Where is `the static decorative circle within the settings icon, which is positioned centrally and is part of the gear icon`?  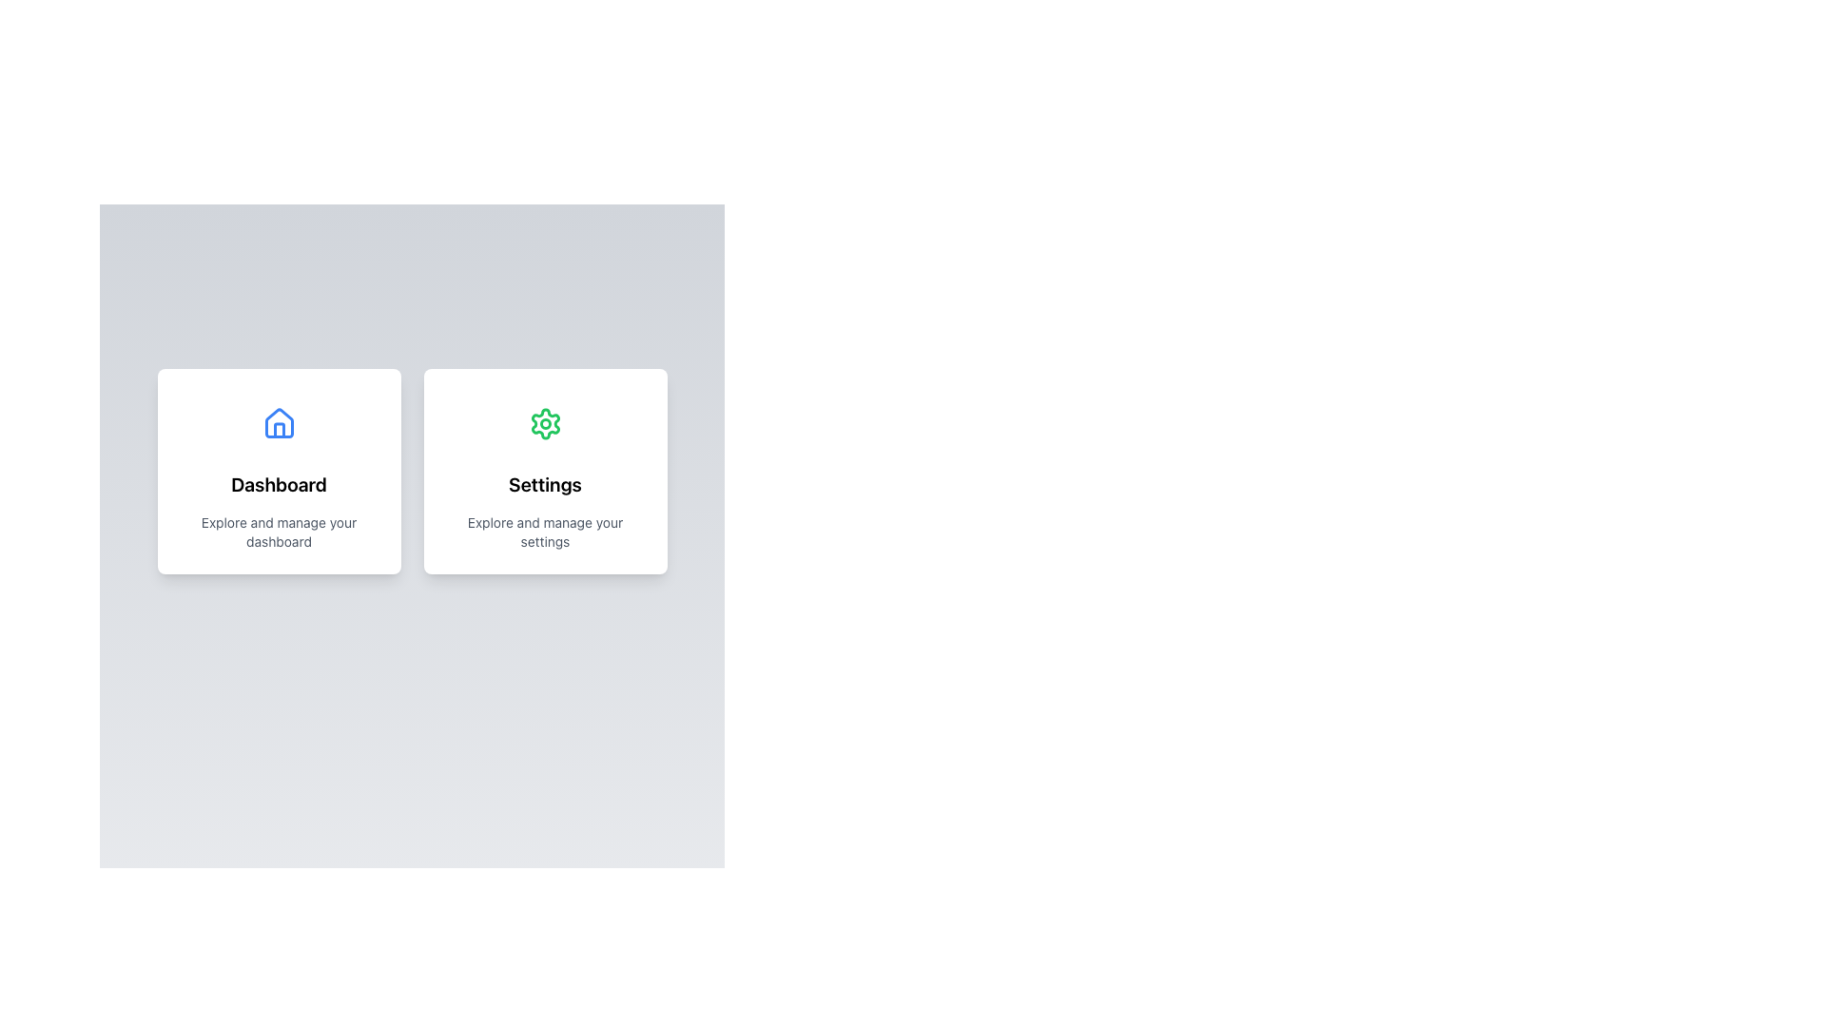 the static decorative circle within the settings icon, which is positioned centrally and is part of the gear icon is located at coordinates (544, 423).